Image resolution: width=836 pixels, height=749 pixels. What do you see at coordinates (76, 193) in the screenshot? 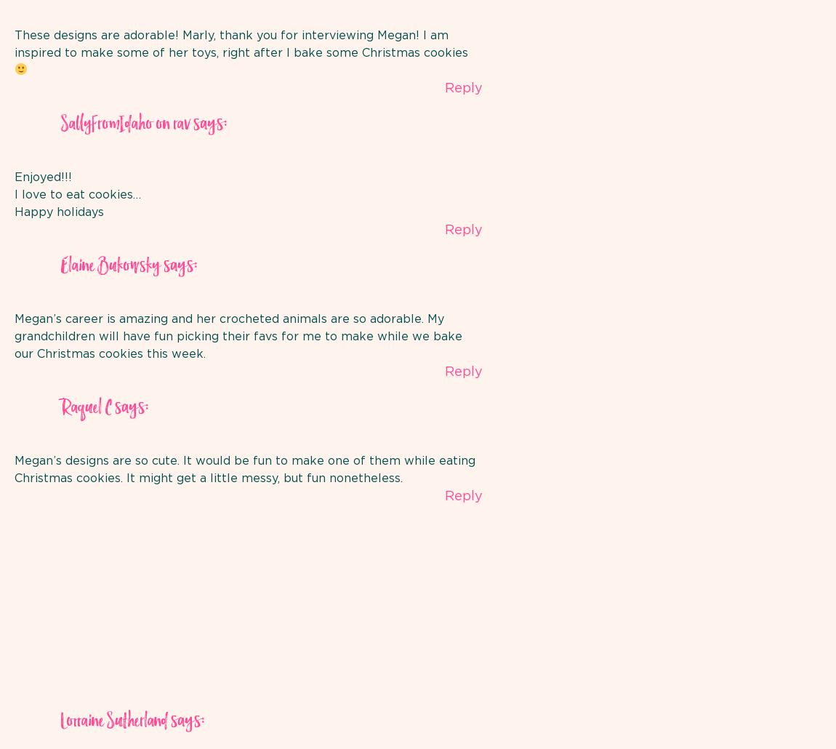
I see `'I love to eat cookies…'` at bounding box center [76, 193].